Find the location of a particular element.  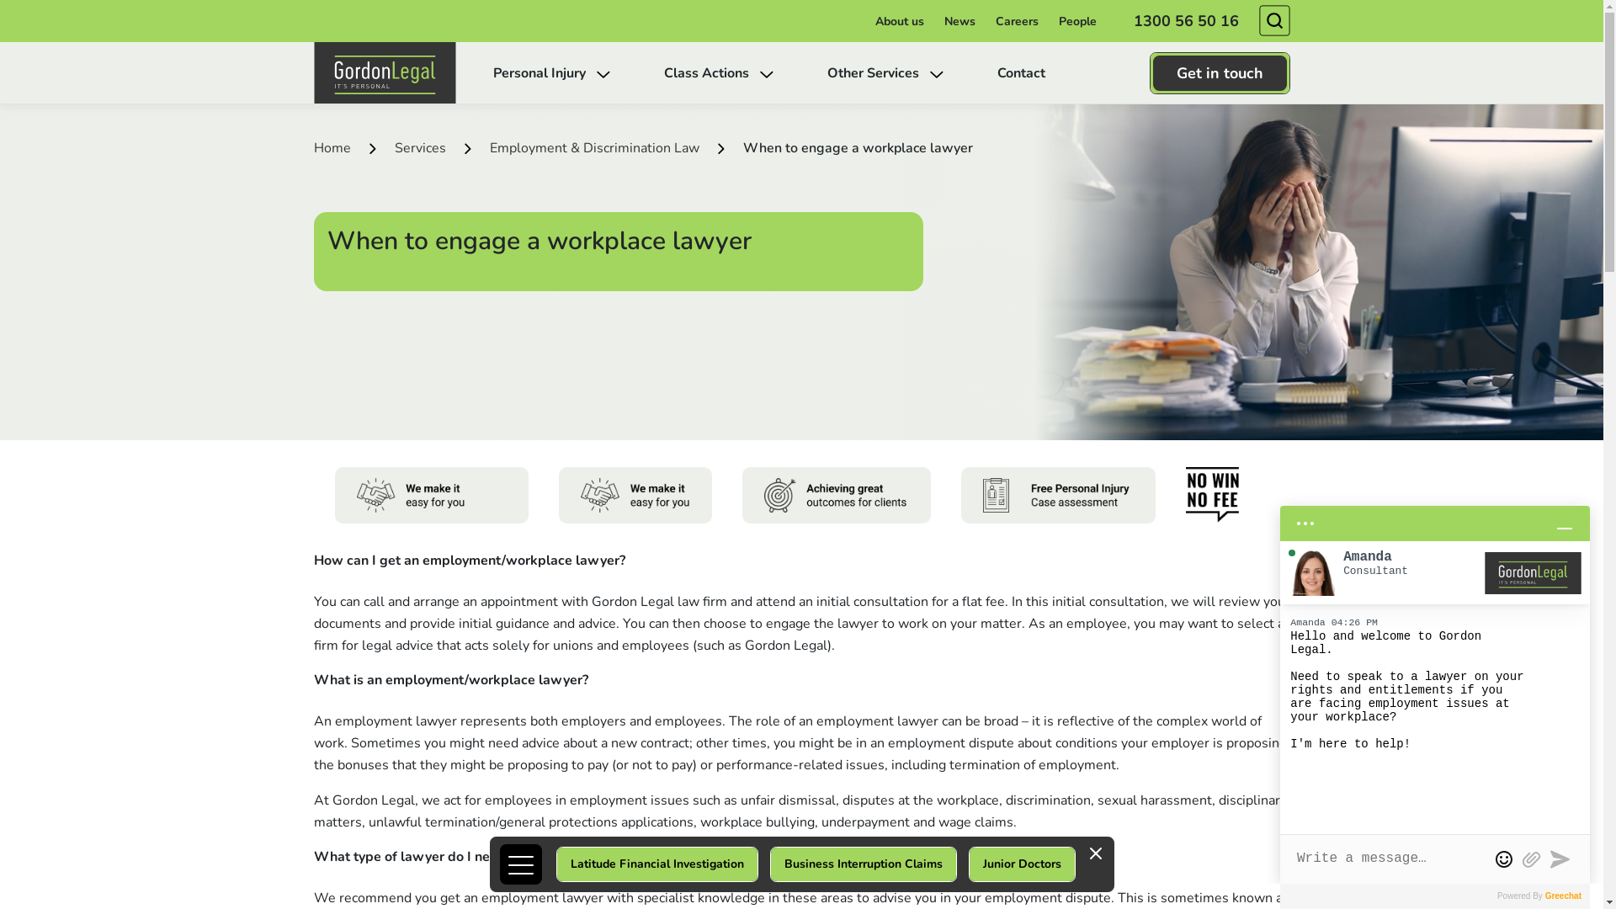

'1300 56 50 16' is located at coordinates (1184, 20).